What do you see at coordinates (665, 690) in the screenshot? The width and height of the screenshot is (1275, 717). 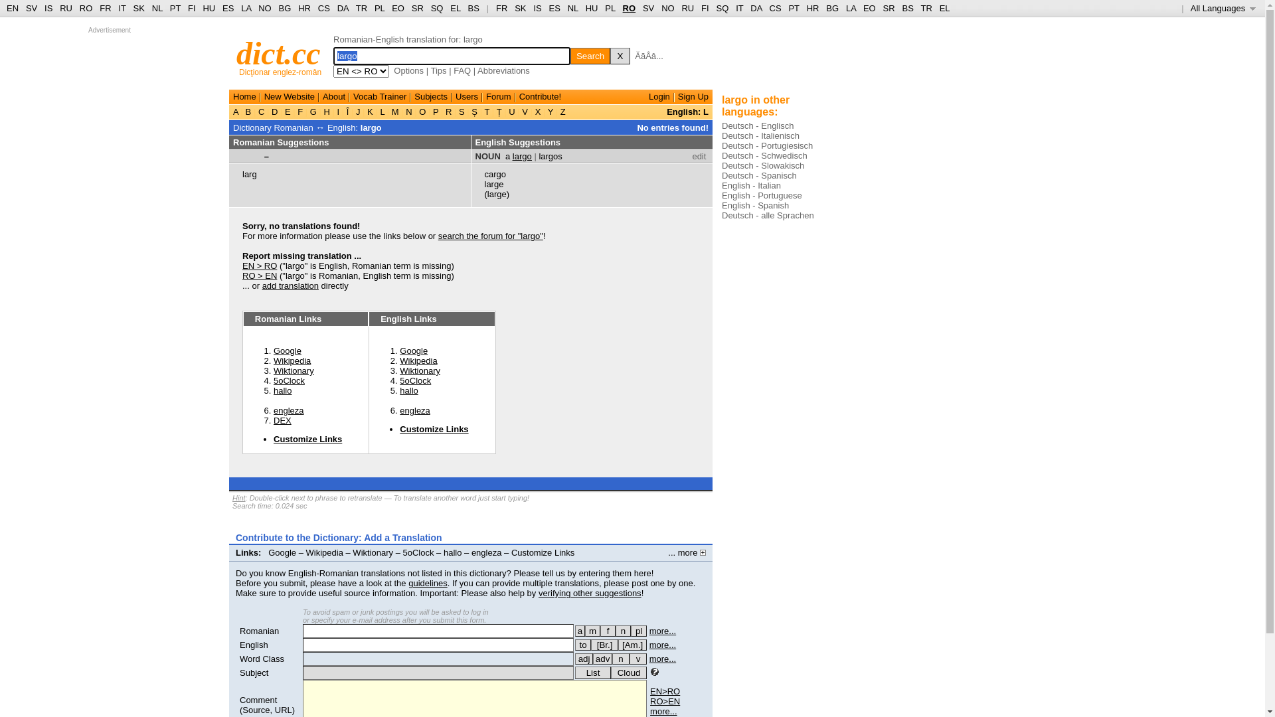 I see `'EN>RO'` at bounding box center [665, 690].